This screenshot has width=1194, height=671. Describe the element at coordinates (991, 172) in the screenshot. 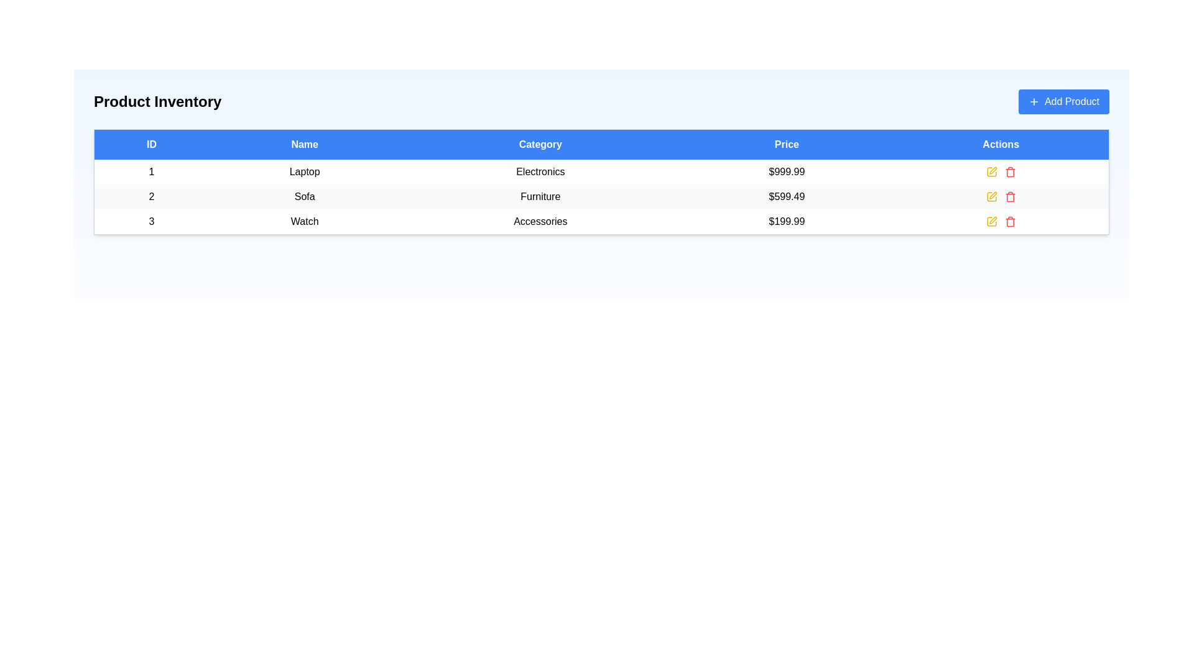

I see `the edit button located in the 'Actions' column of the first row in the 'Product Inventory' table` at that location.